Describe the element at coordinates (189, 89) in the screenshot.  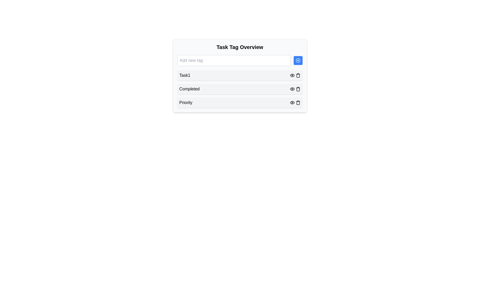
I see `the text label displaying 'Completed' within the 'Task Tag Overview' section, located between 'Task1' and 'Priority'` at that location.